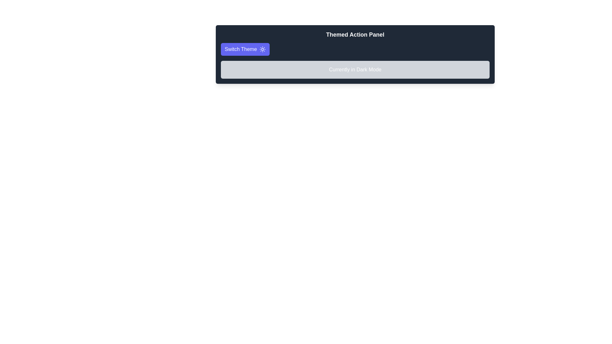 This screenshot has height=344, width=612. I want to click on the text label that conveys information about the current active theme mode, which is located at the bottom of the 'Themed Action Panel' and directly below the 'Switch Theme' button, so click(355, 70).